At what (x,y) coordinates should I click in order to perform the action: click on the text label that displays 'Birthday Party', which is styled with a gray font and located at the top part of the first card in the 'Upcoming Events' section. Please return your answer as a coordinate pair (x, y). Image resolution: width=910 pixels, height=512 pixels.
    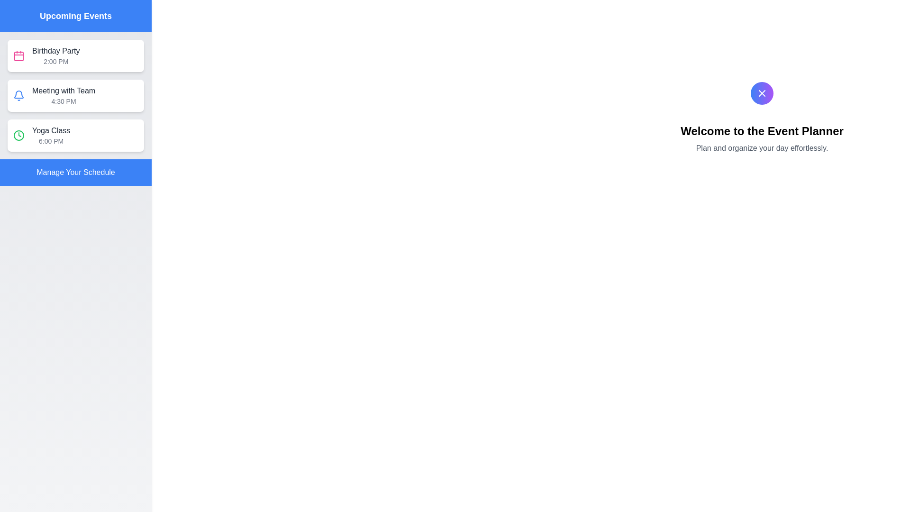
    Looking at the image, I should click on (55, 51).